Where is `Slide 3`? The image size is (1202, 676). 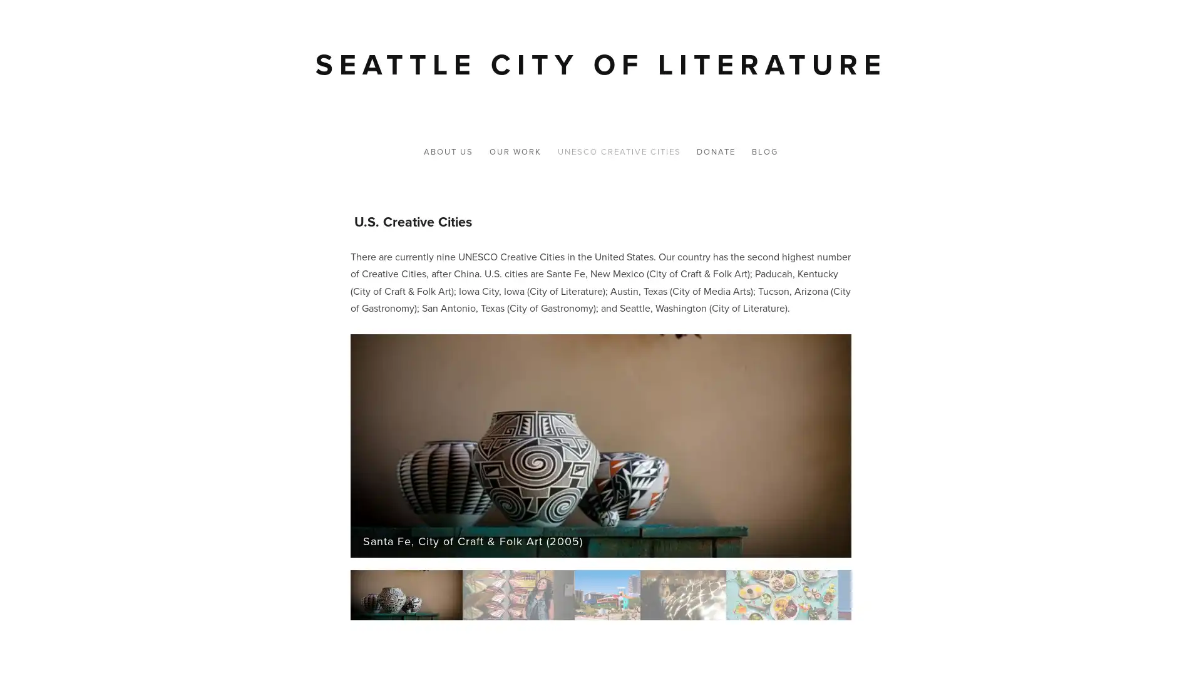
Slide 3 is located at coordinates (600, 595).